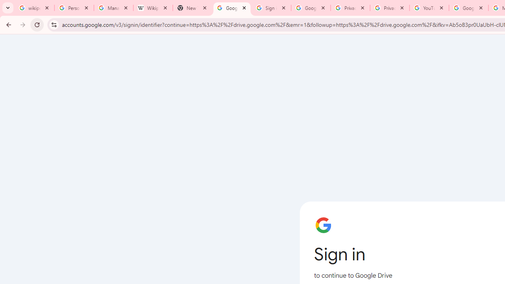  Describe the element at coordinates (310, 8) in the screenshot. I see `'Google Drive: Sign-in'` at that location.